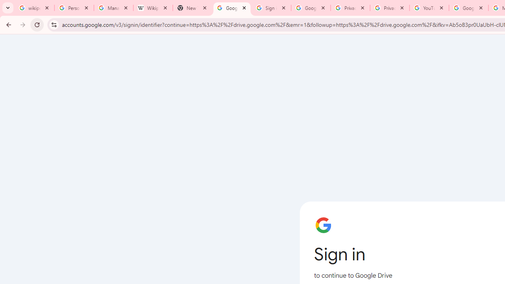  Describe the element at coordinates (310, 8) in the screenshot. I see `'Google Drive: Sign-in'` at that location.